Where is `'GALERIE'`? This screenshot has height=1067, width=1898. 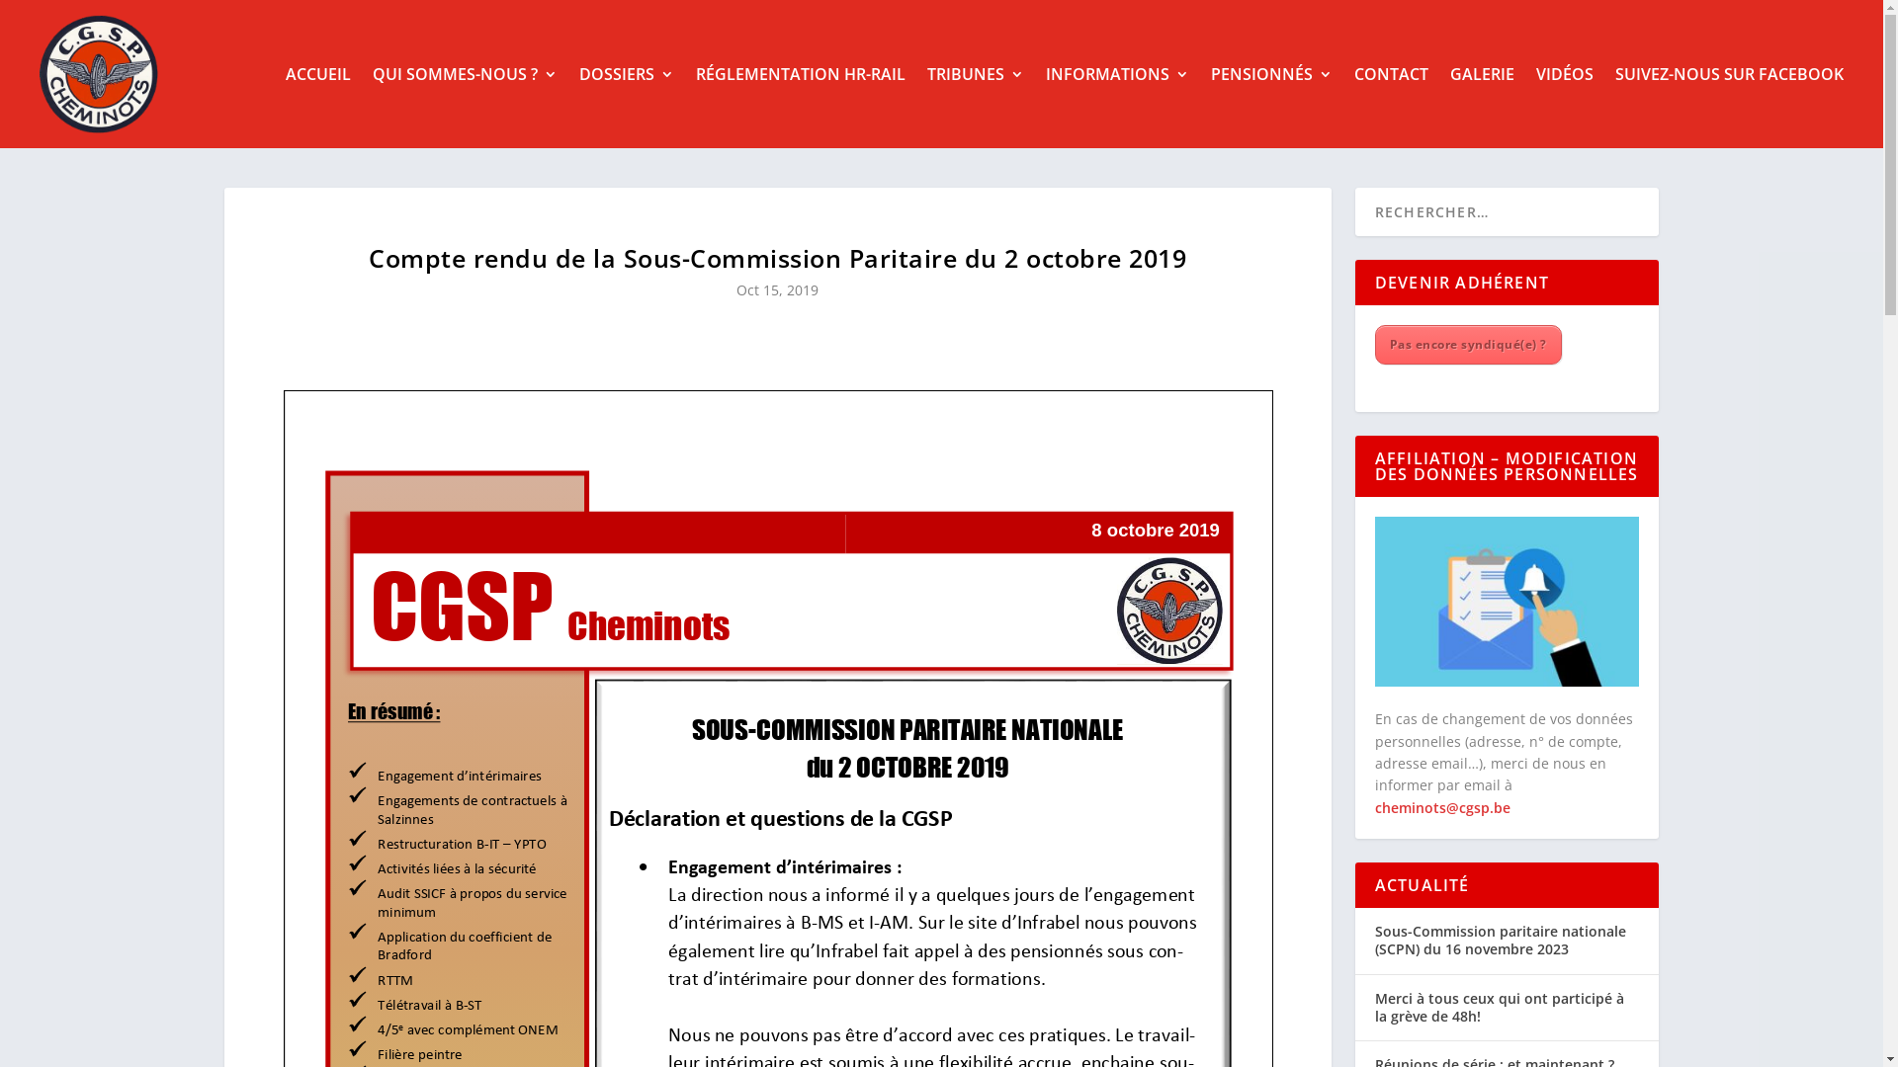 'GALERIE' is located at coordinates (1450, 72).